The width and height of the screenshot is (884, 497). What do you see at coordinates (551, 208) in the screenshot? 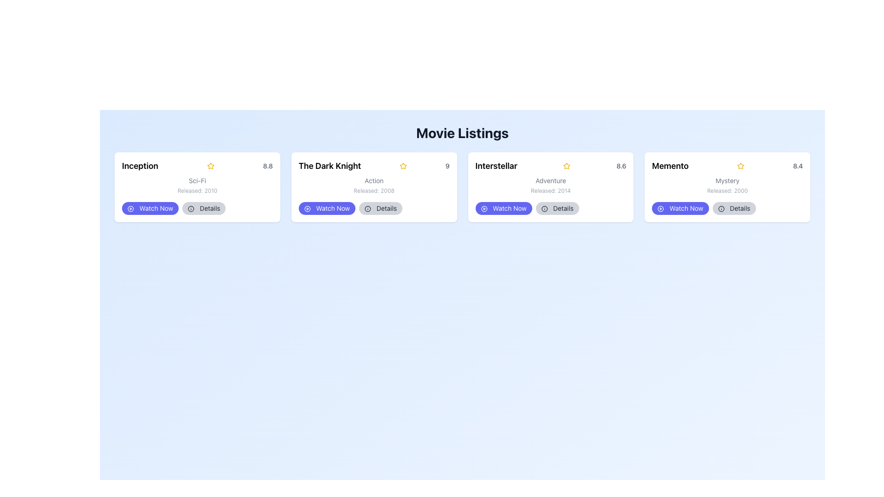
I see `the button` at bounding box center [551, 208].